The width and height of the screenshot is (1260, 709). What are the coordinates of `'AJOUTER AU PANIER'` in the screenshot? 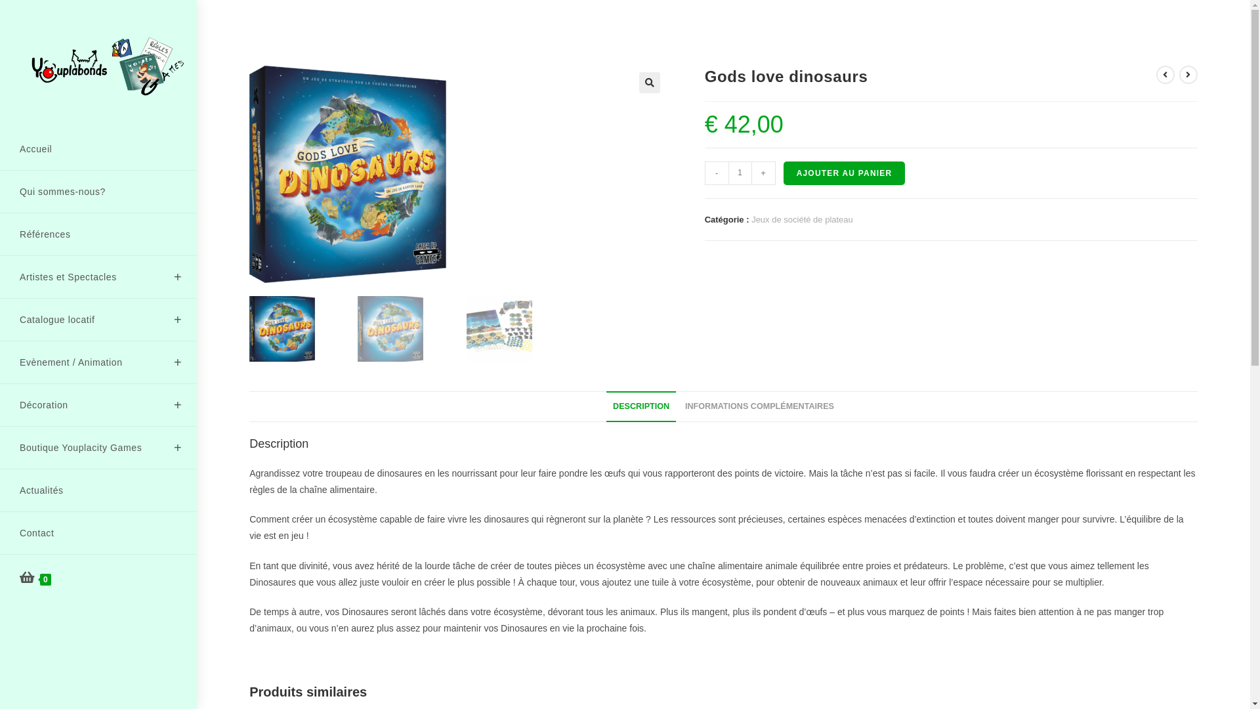 It's located at (844, 172).